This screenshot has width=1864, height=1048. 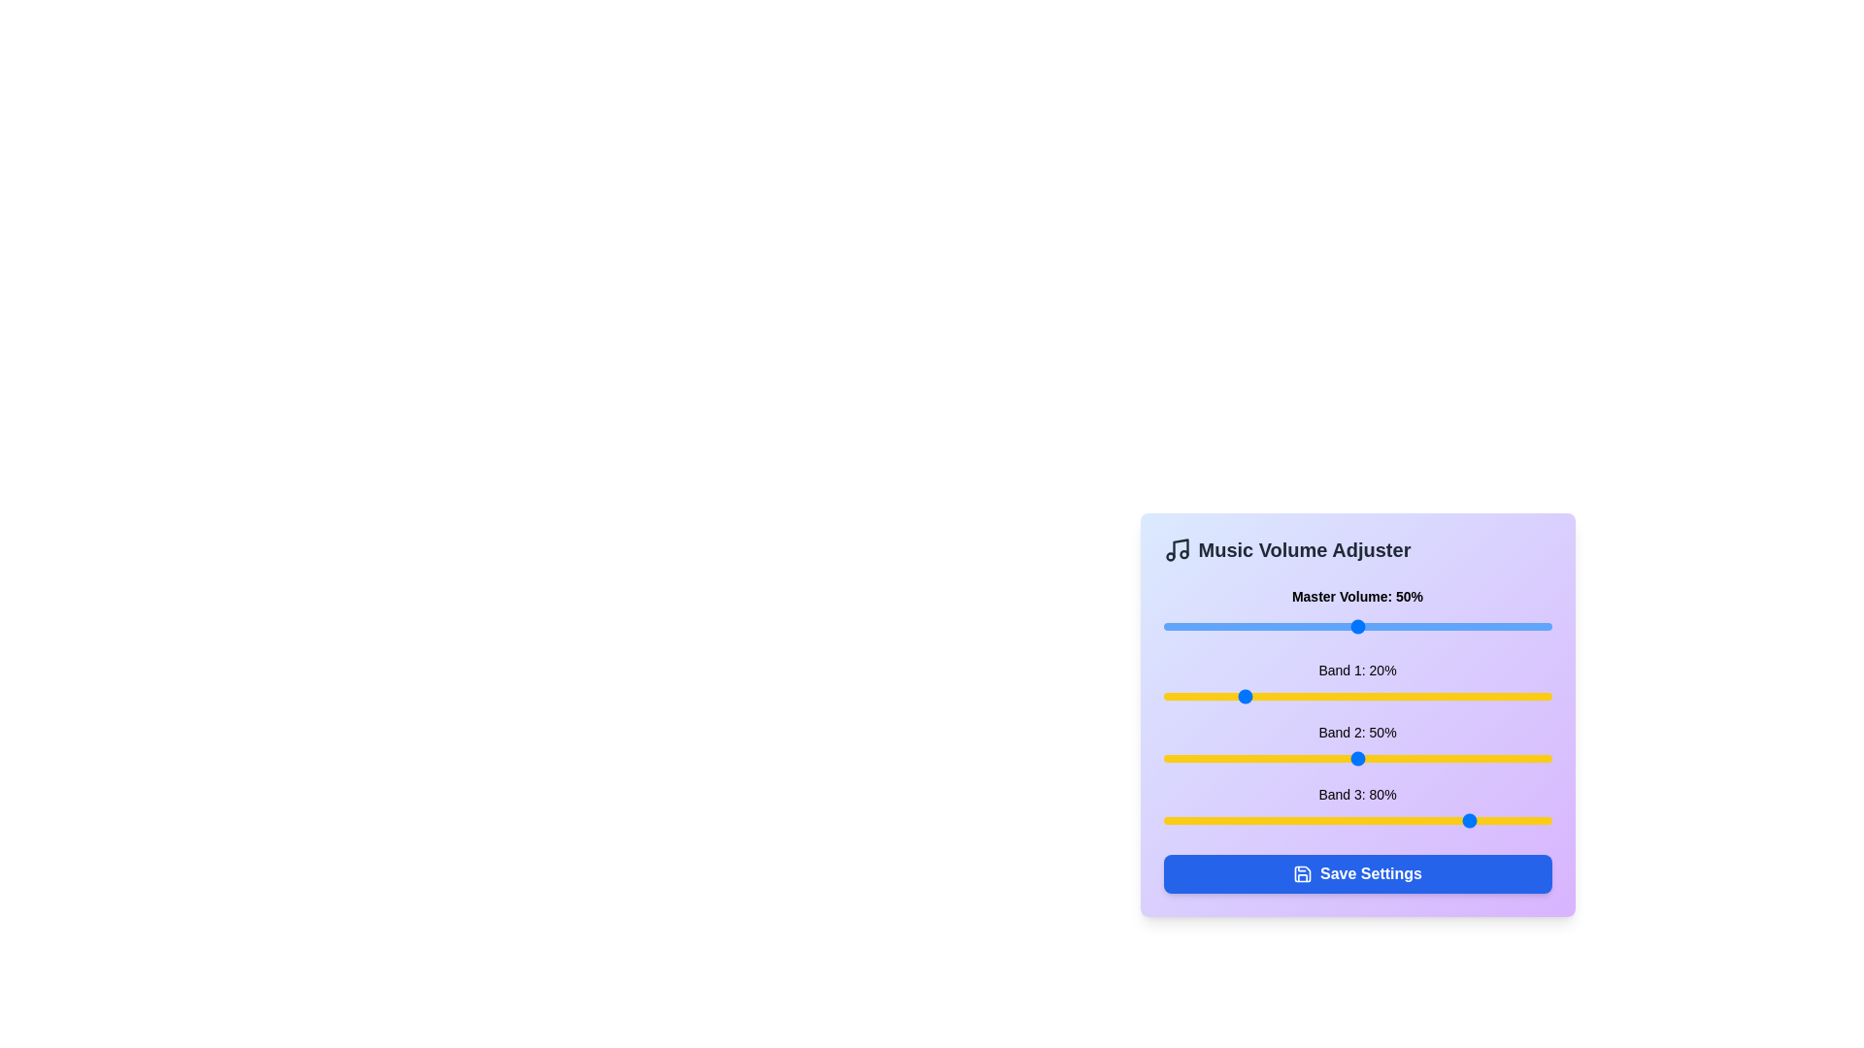 I want to click on the slider, so click(x=1531, y=626).